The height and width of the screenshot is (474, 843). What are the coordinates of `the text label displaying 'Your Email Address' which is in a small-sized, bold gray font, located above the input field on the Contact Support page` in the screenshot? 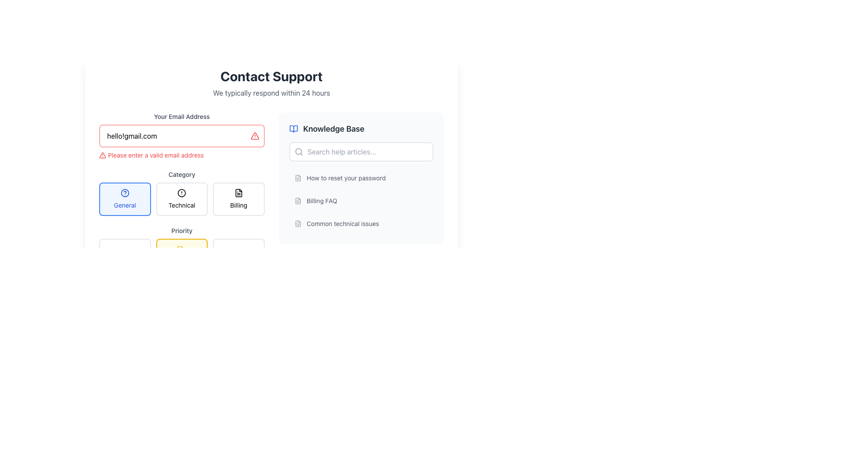 It's located at (181, 116).